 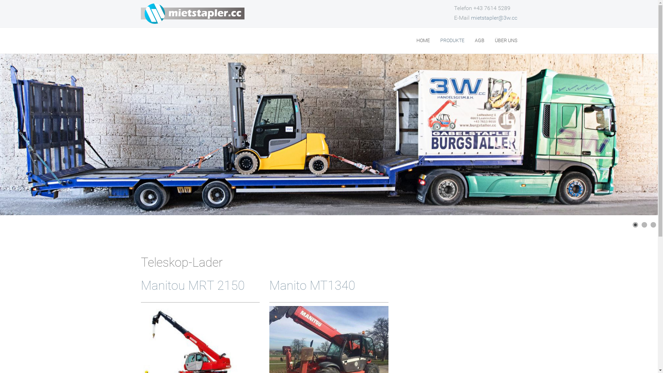 What do you see at coordinates (423, 40) in the screenshot?
I see `'HOME'` at bounding box center [423, 40].